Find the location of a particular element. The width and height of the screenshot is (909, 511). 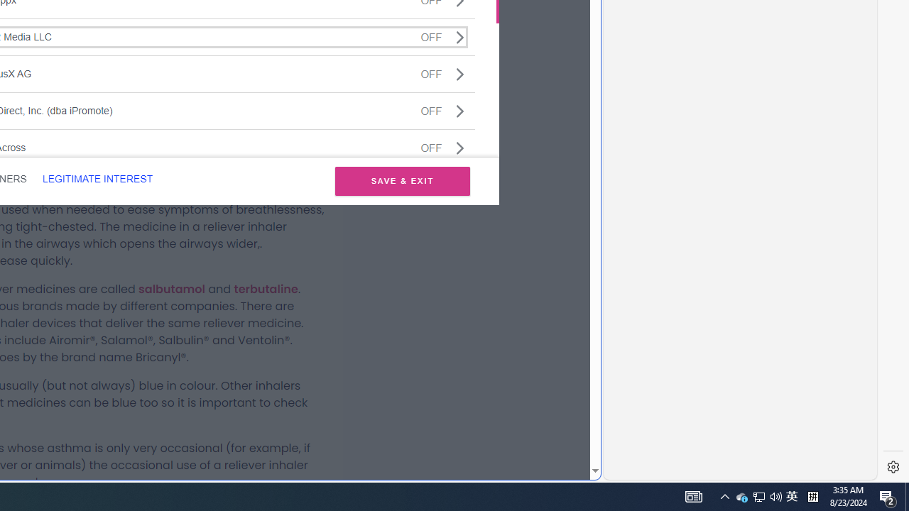

'Settings' is located at coordinates (893, 467).